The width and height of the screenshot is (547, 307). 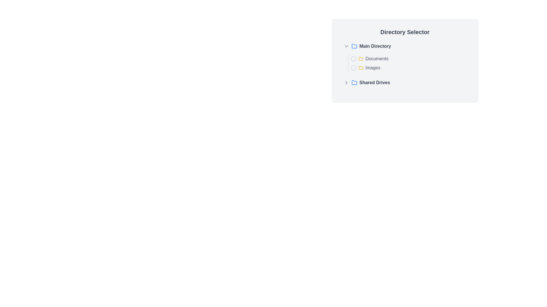 What do you see at coordinates (346, 82) in the screenshot?
I see `the chevron icon pointing to the right, located at the far left of the 'Shared Drives' row` at bounding box center [346, 82].